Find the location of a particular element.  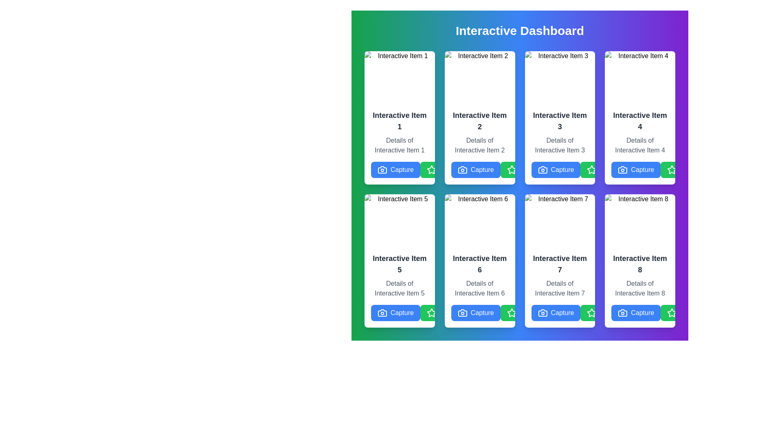

the camera icon within the blue 'Capture' button of 'Interactive Item 6' is located at coordinates (462, 313).